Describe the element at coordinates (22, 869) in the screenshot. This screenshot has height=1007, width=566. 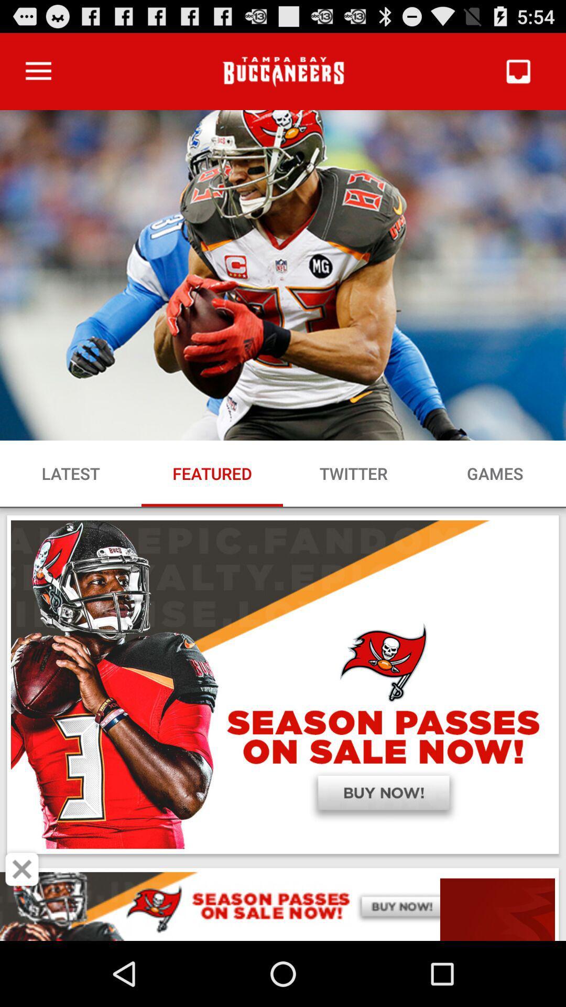
I see `click the window close option` at that location.